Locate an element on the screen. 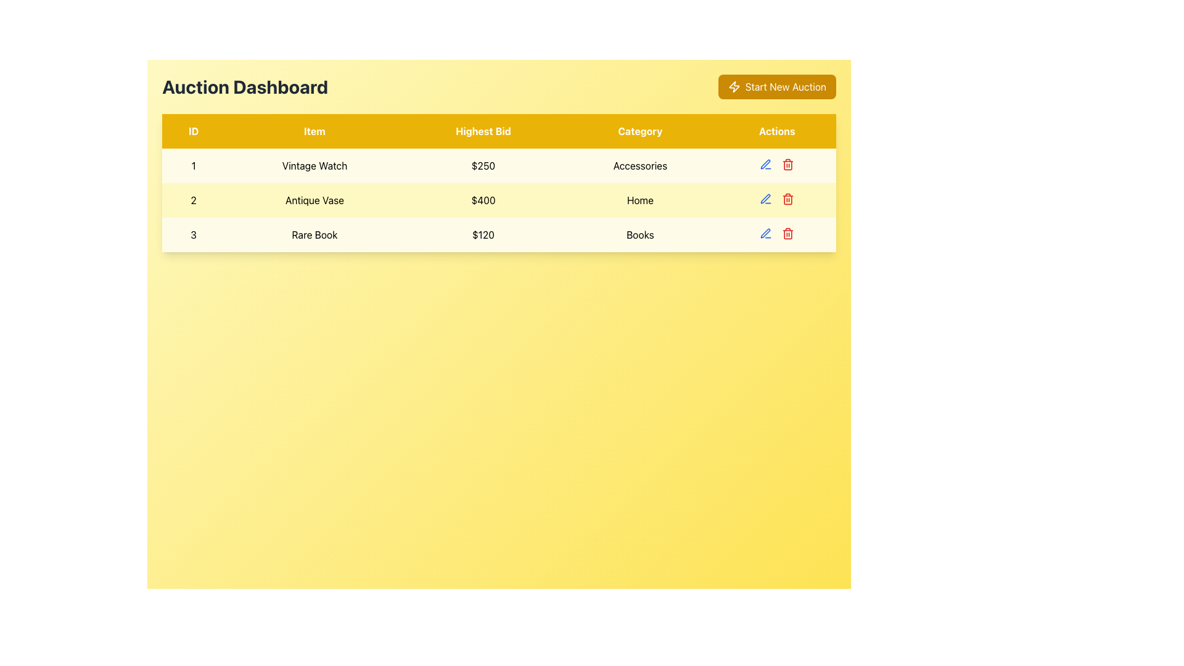 The height and width of the screenshot is (666, 1184). the delete icon located in the 'Actions' column of the third row in the table is located at coordinates (787, 233).